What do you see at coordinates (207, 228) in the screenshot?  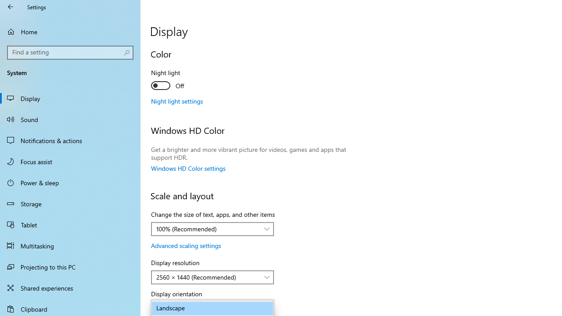 I see `'100% (Recommended)'` at bounding box center [207, 228].